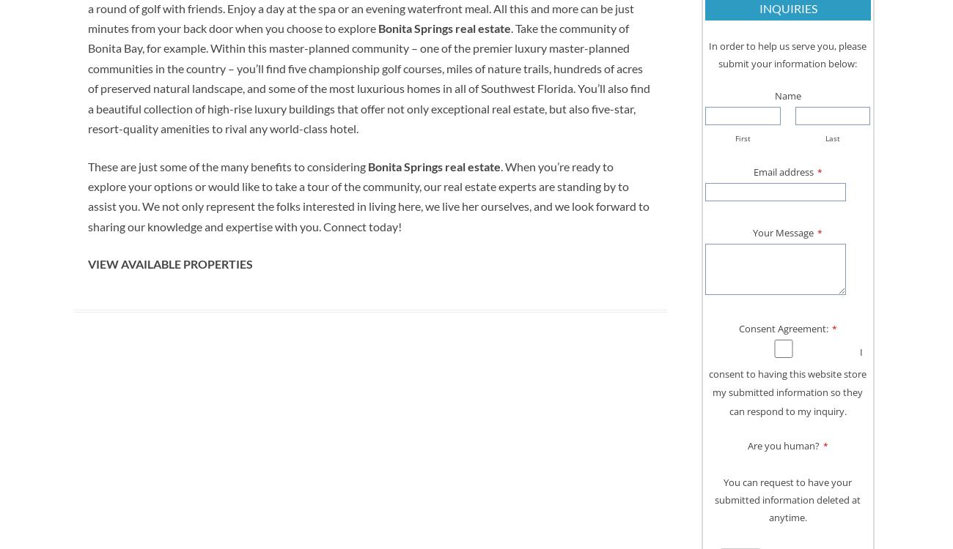 The width and height of the screenshot is (953, 549). Describe the element at coordinates (501, 165) in the screenshot. I see `'.'` at that location.